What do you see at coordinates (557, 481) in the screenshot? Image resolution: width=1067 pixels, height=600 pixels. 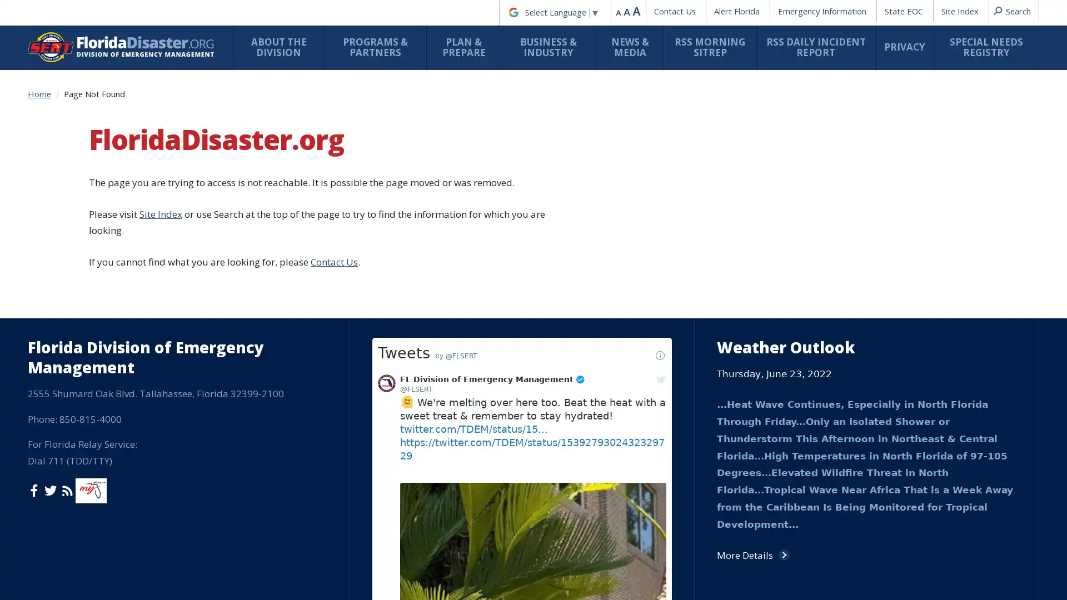 I see `Toggle More` at bounding box center [557, 481].